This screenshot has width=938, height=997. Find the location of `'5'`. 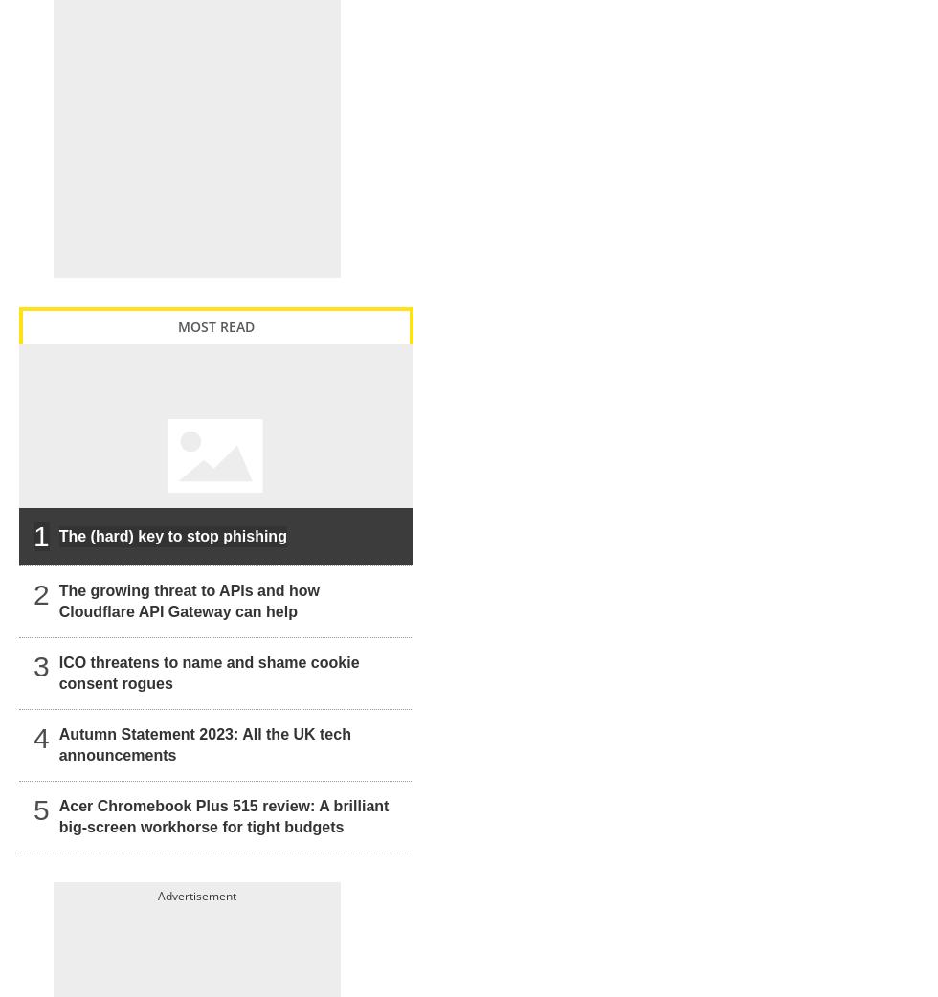

'5' is located at coordinates (41, 809).